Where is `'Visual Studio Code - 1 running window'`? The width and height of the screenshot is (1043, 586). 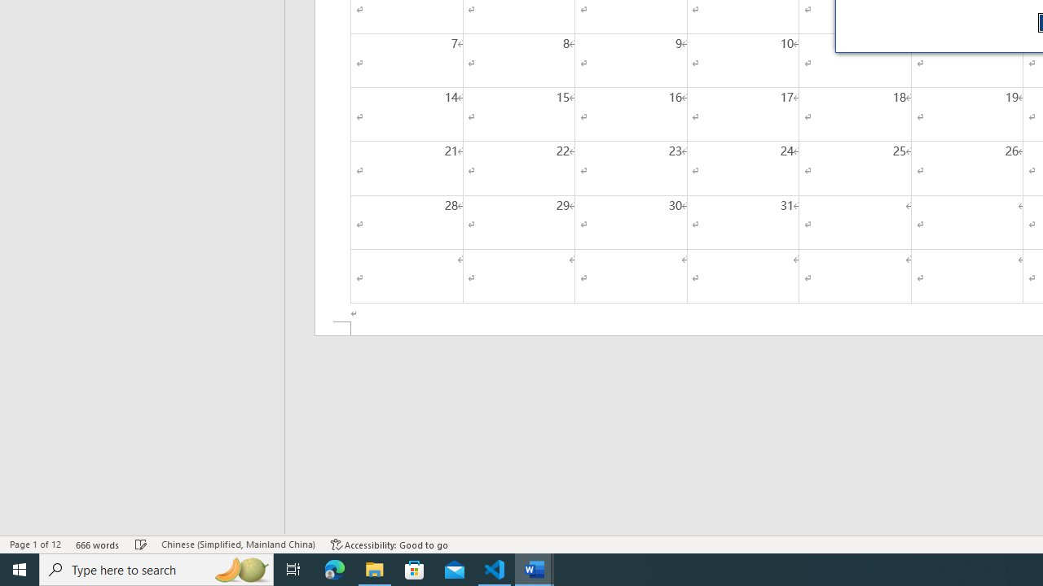 'Visual Studio Code - 1 running window' is located at coordinates (494, 568).